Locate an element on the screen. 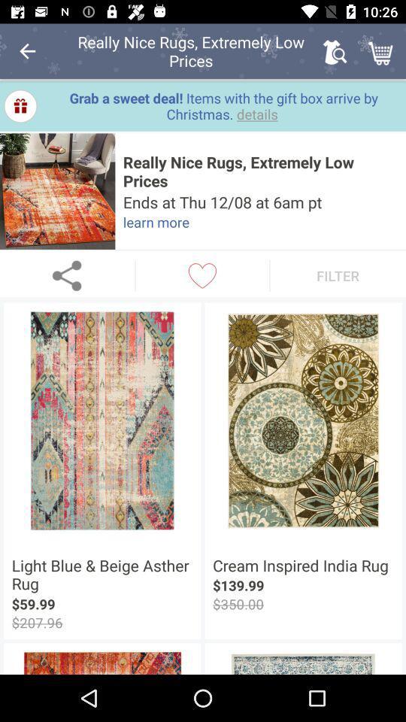  photo is located at coordinates (56, 190).